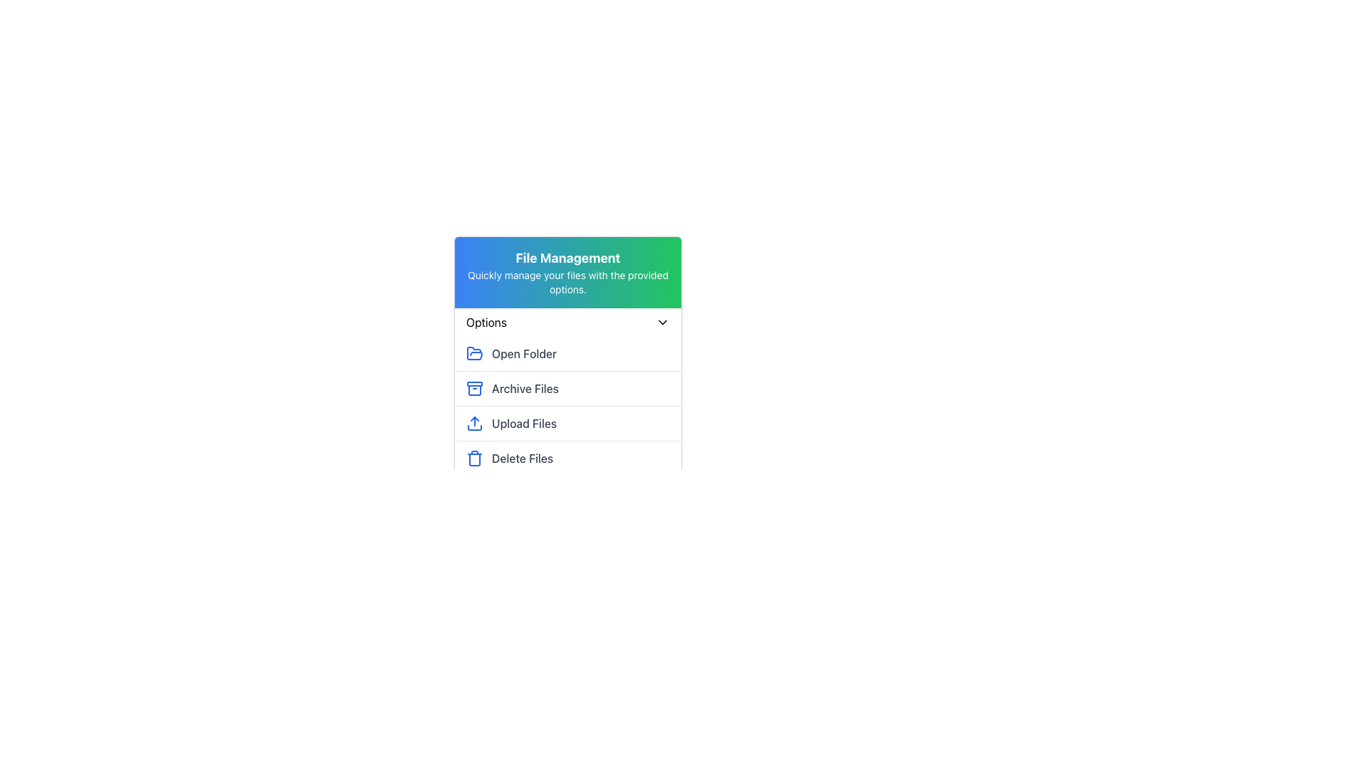 This screenshot has height=769, width=1367. Describe the element at coordinates (475, 352) in the screenshot. I see `the 'Open Folder' icon located in the 'Options' section of the file management interface` at that location.